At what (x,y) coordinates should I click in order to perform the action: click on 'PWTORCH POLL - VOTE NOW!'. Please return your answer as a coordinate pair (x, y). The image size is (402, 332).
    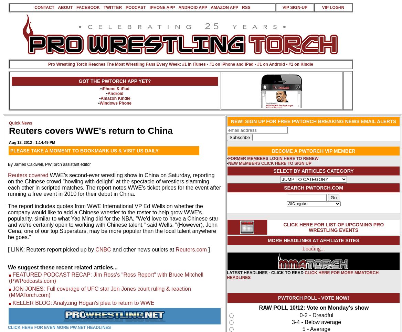
    Looking at the image, I should click on (313, 298).